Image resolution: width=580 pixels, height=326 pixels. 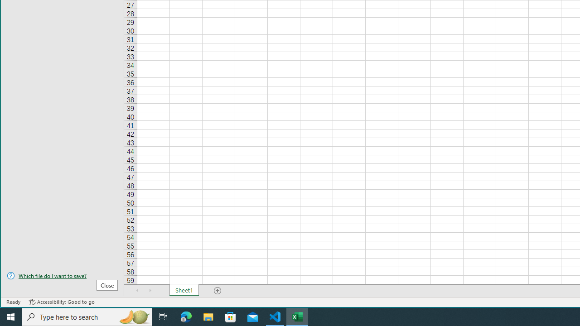 What do you see at coordinates (87, 316) in the screenshot?
I see `'Type here to search'` at bounding box center [87, 316].